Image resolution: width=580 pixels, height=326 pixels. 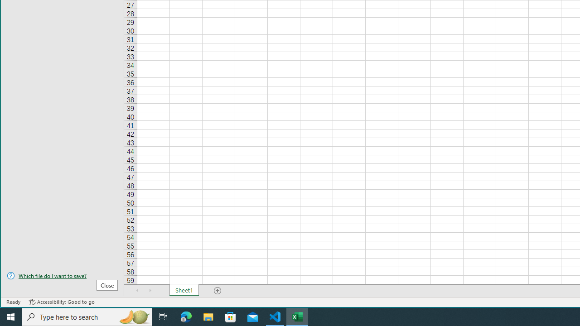 What do you see at coordinates (87, 316) in the screenshot?
I see `'Type here to search'` at bounding box center [87, 316].